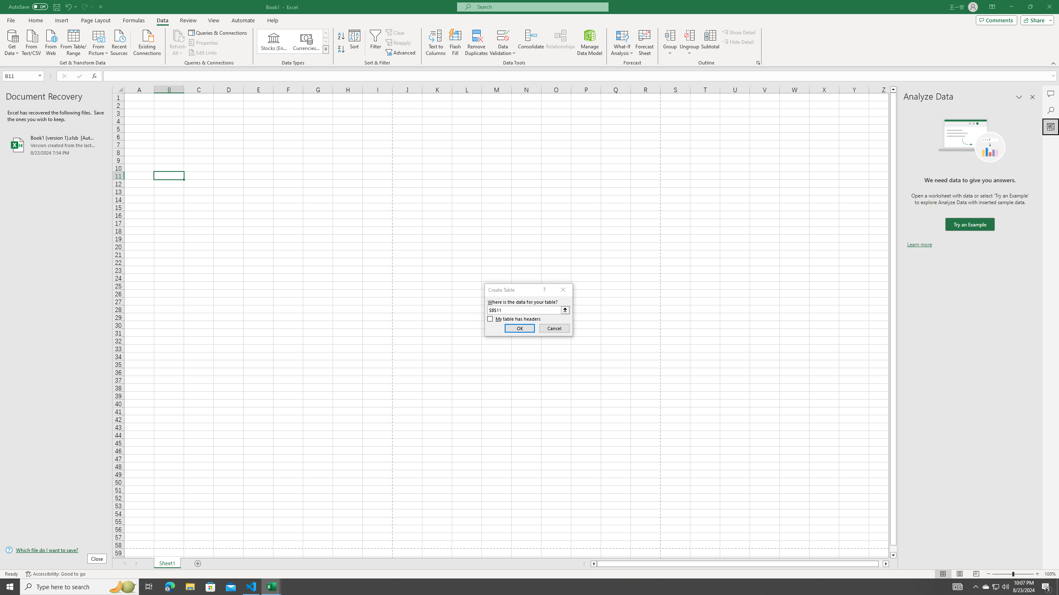 The width and height of the screenshot is (1059, 595). Describe the element at coordinates (1050, 110) in the screenshot. I see `'Search'` at that location.